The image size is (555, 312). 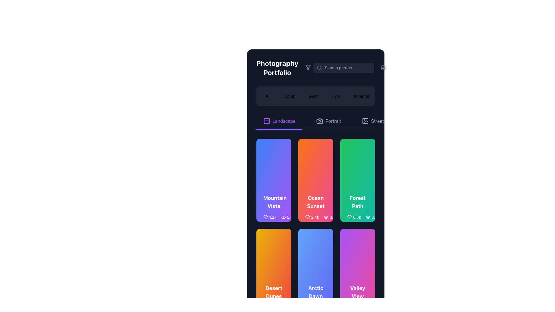 What do you see at coordinates (356, 217) in the screenshot?
I see `the text label displaying '0.8k' styled in small white font, located to the right of a heart icon` at bounding box center [356, 217].